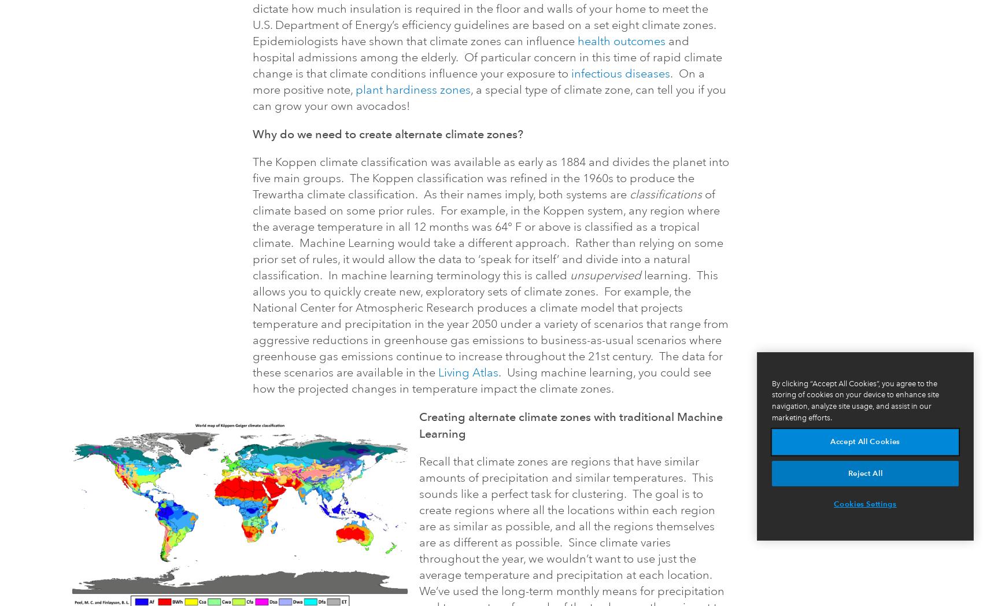 Image resolution: width=983 pixels, height=606 pixels. Describe the element at coordinates (387, 134) in the screenshot. I see `'Why do we need to create alternate climate zones?'` at that location.